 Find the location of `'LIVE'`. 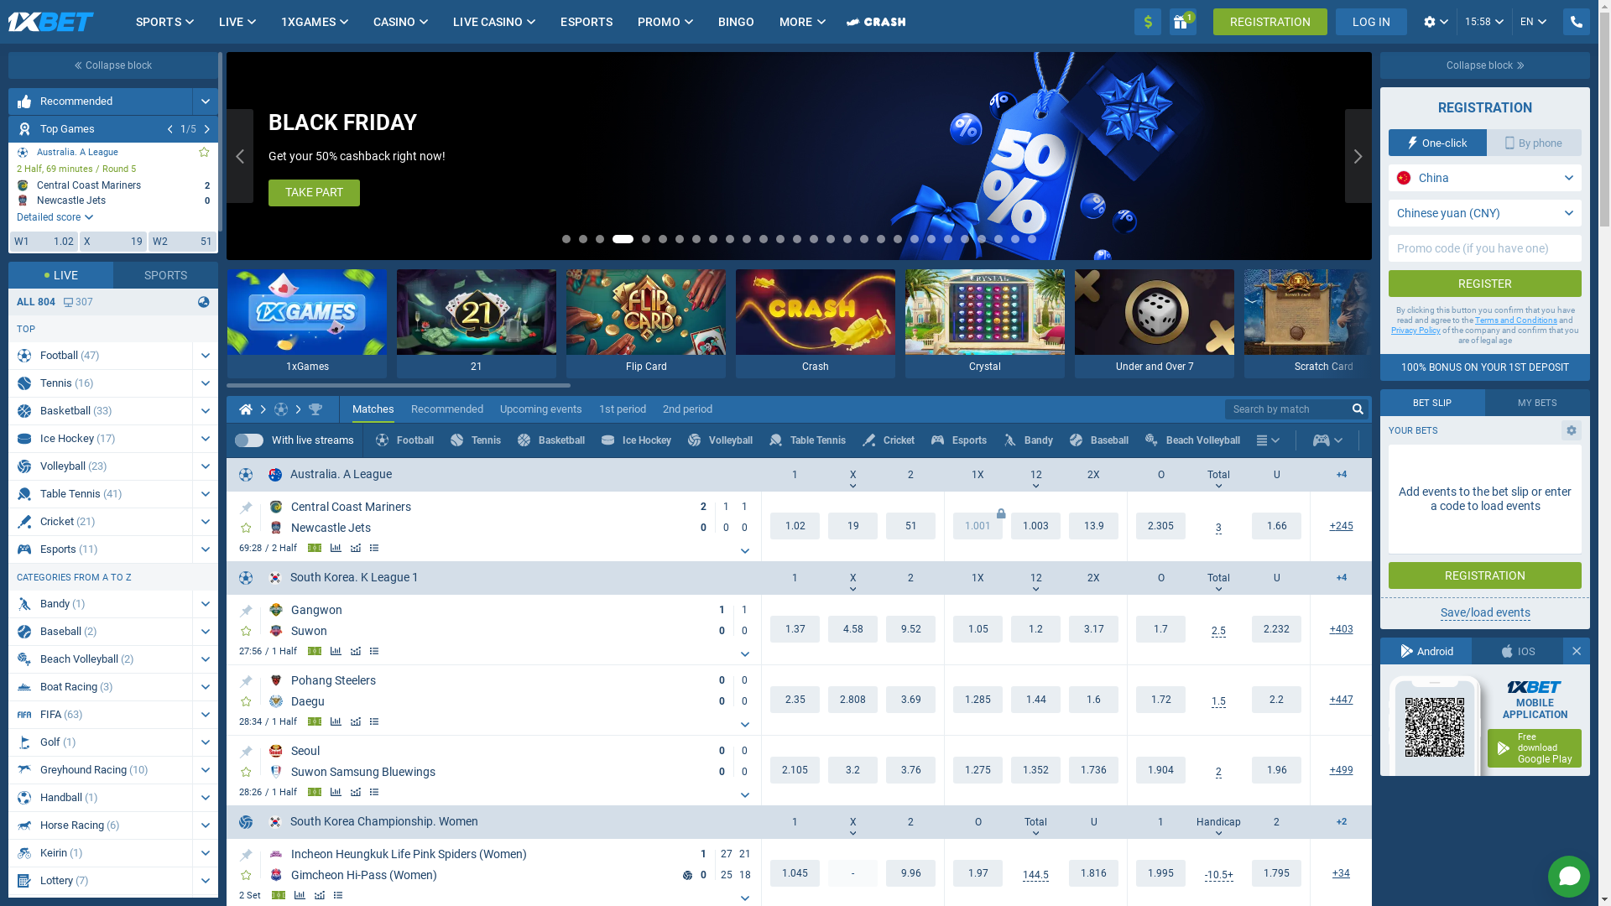

'LIVE' is located at coordinates (217, 22).